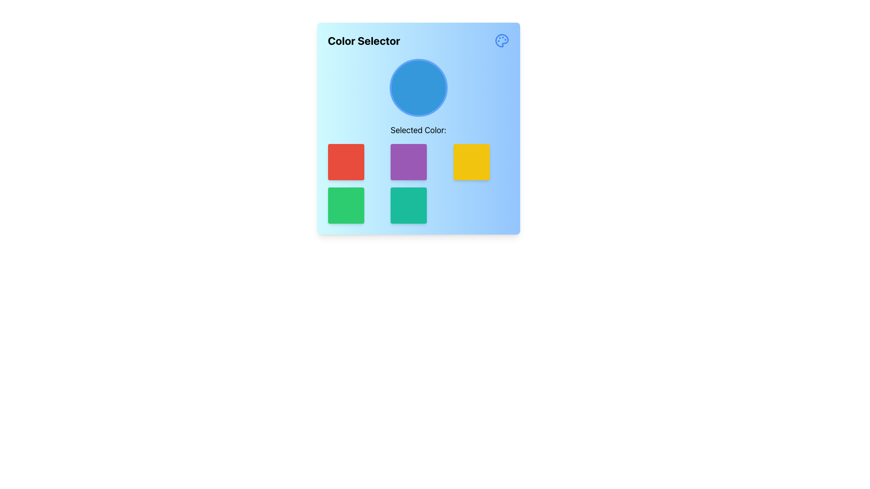  I want to click on green visual color indicator with rounded corners located in the first square of the second row in a three-column grid layout using developer tools, so click(354, 206).